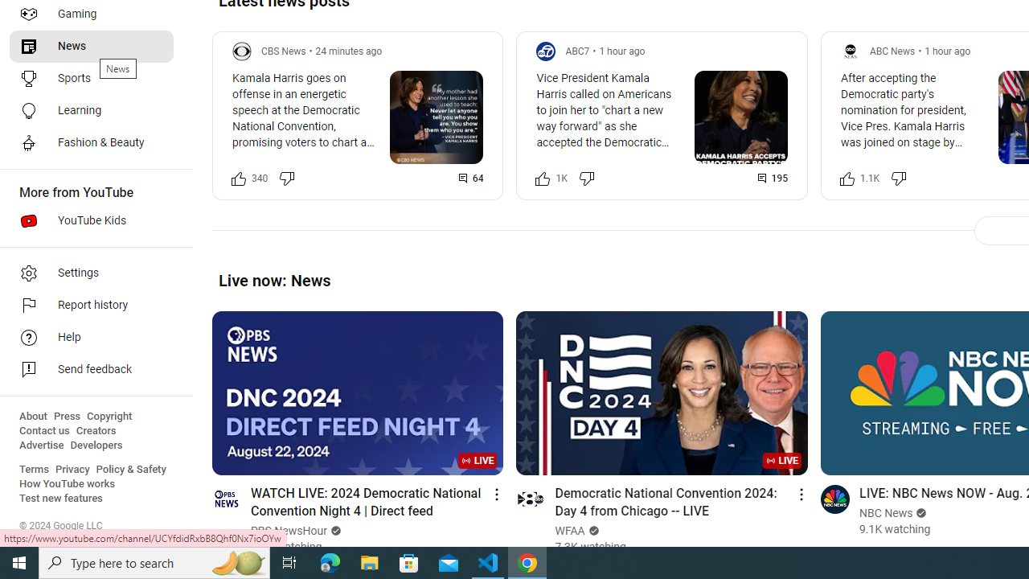 This screenshot has width=1029, height=579. What do you see at coordinates (284, 50) in the screenshot?
I see `'CBS News'` at bounding box center [284, 50].